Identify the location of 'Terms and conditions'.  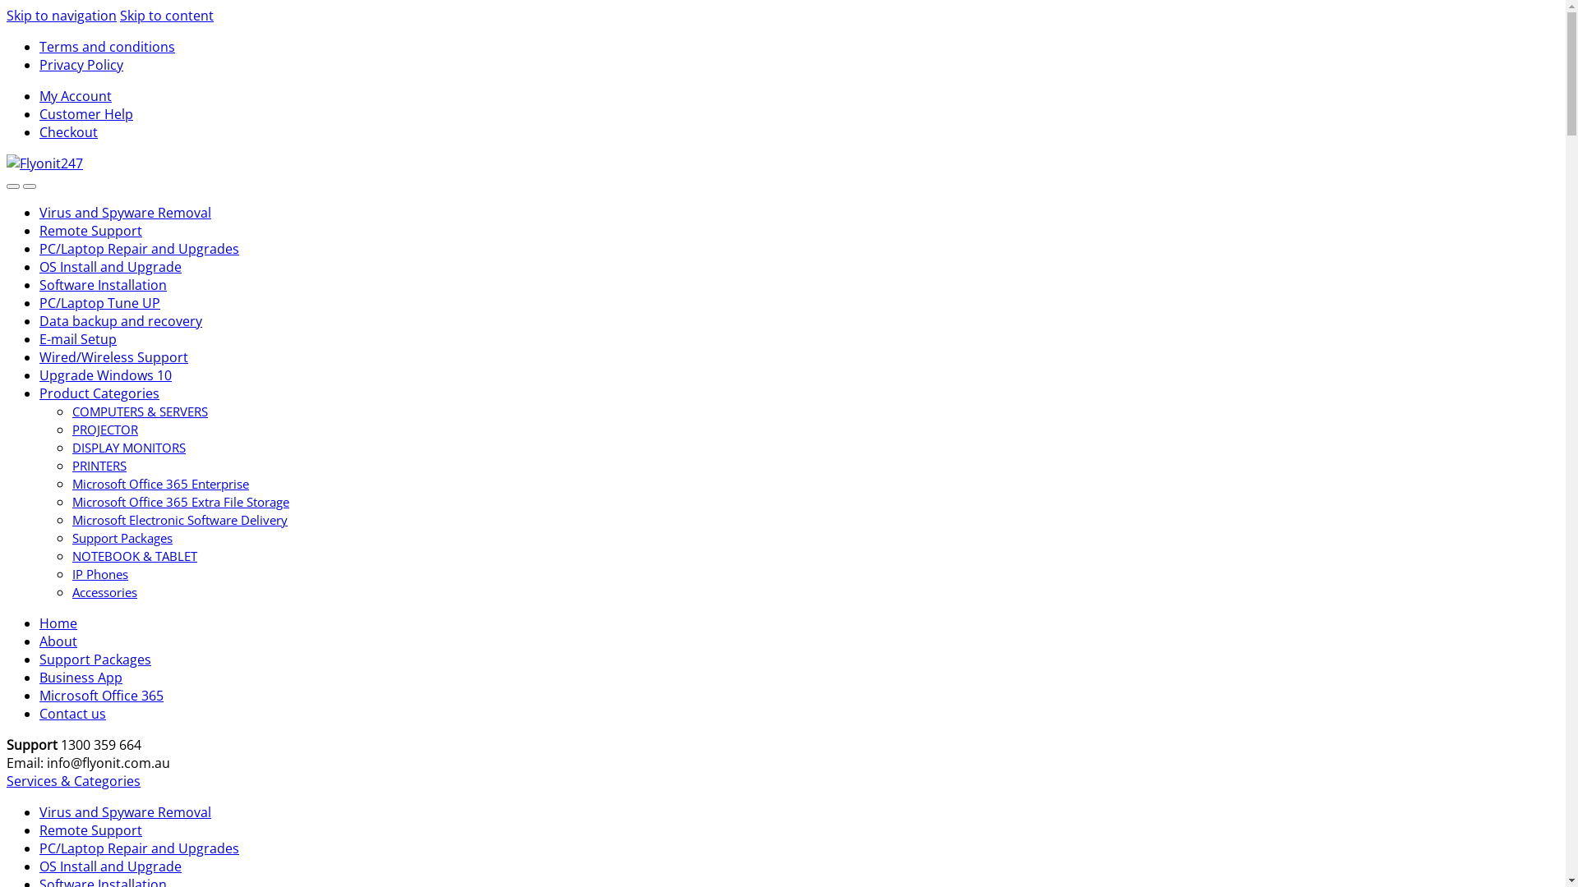
(106, 46).